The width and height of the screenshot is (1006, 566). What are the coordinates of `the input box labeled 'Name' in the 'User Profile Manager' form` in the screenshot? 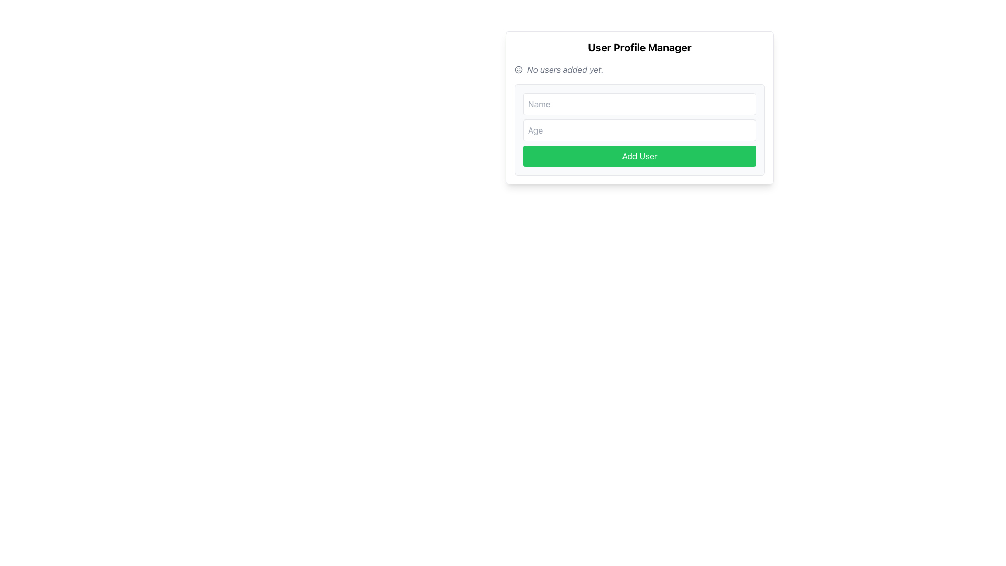 It's located at (639, 107).